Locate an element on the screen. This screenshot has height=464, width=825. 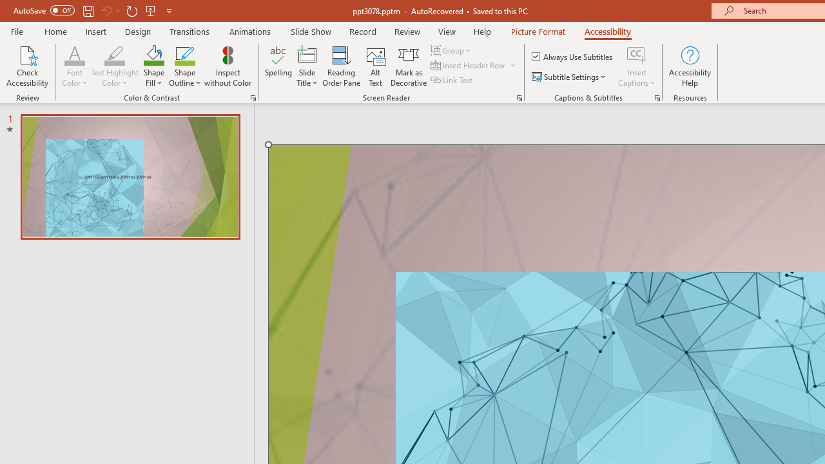
'Subtitle Settings' is located at coordinates (569, 77).